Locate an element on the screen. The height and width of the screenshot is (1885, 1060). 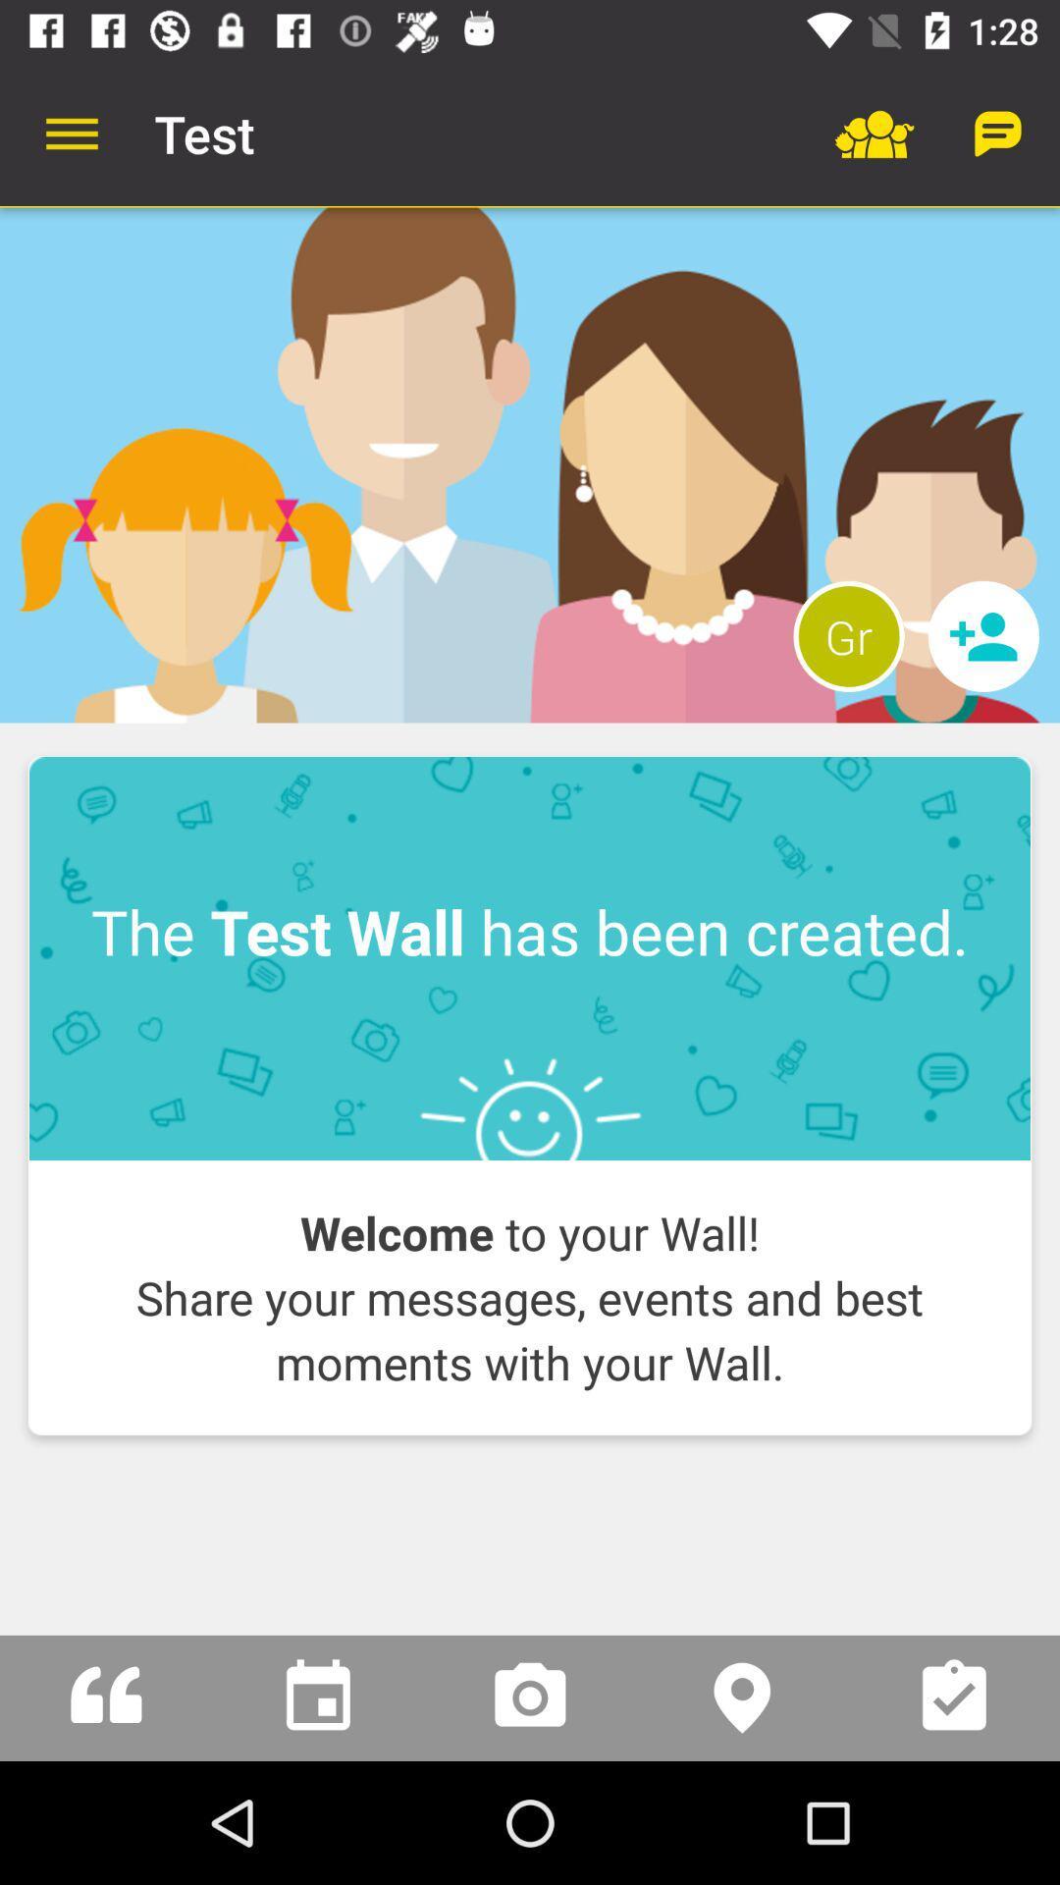
to-do lists is located at coordinates (953, 1696).